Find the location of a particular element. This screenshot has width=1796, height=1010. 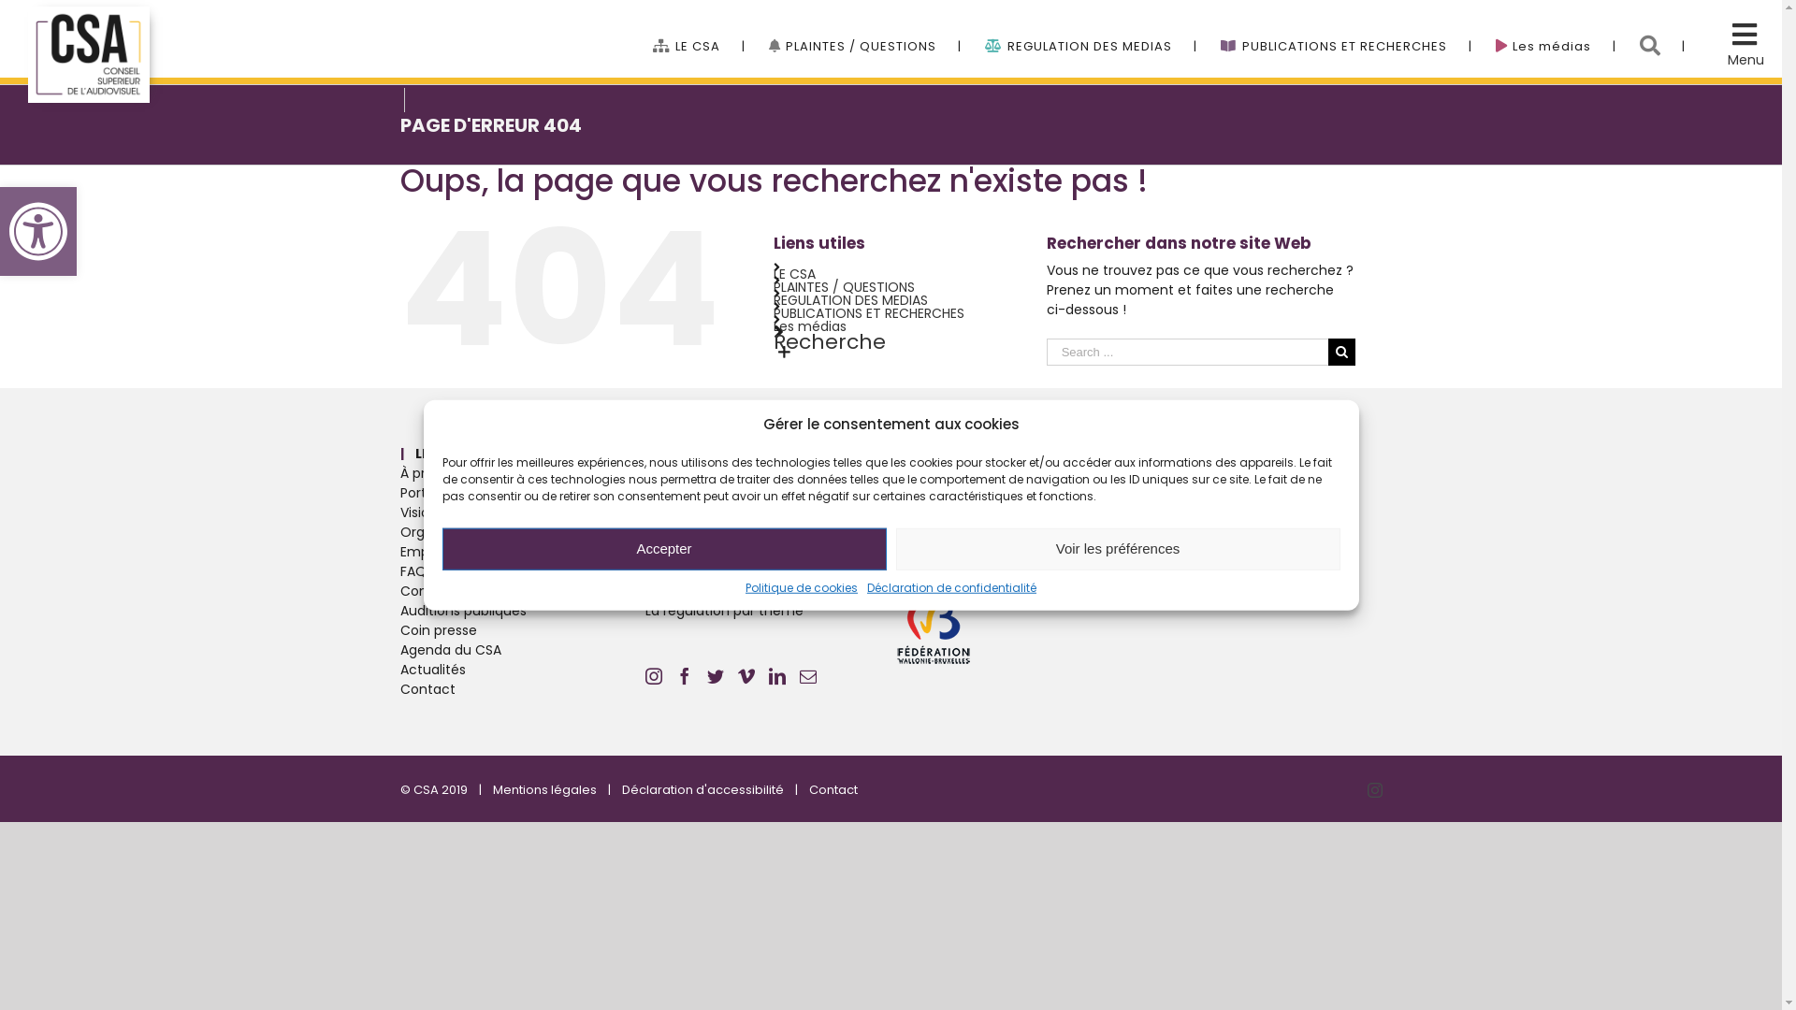

'Accepter' is located at coordinates (663, 547).